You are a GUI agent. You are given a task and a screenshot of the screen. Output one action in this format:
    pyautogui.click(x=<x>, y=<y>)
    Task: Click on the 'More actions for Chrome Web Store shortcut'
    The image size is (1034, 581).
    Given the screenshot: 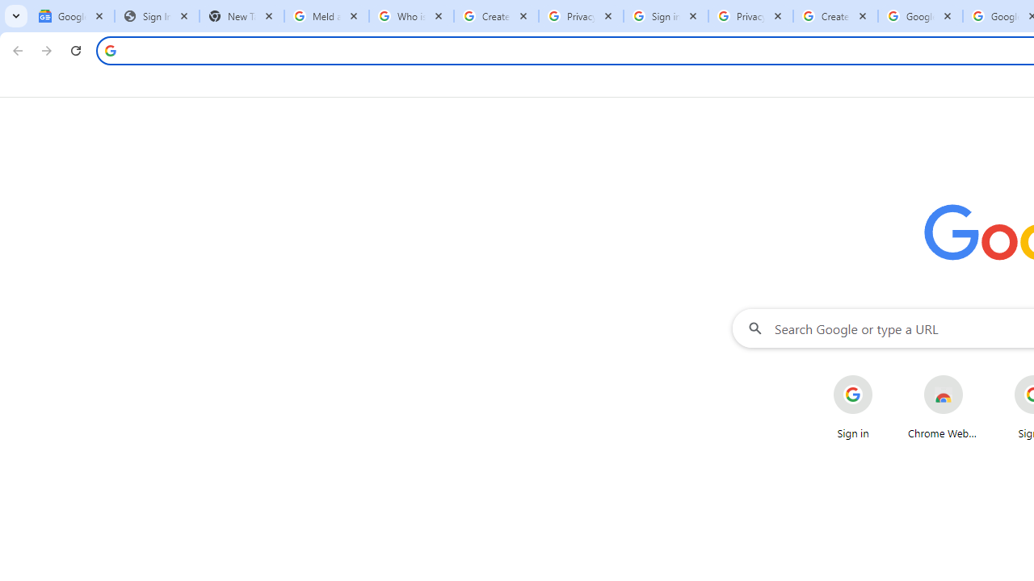 What is the action you would take?
    pyautogui.click(x=975, y=376)
    